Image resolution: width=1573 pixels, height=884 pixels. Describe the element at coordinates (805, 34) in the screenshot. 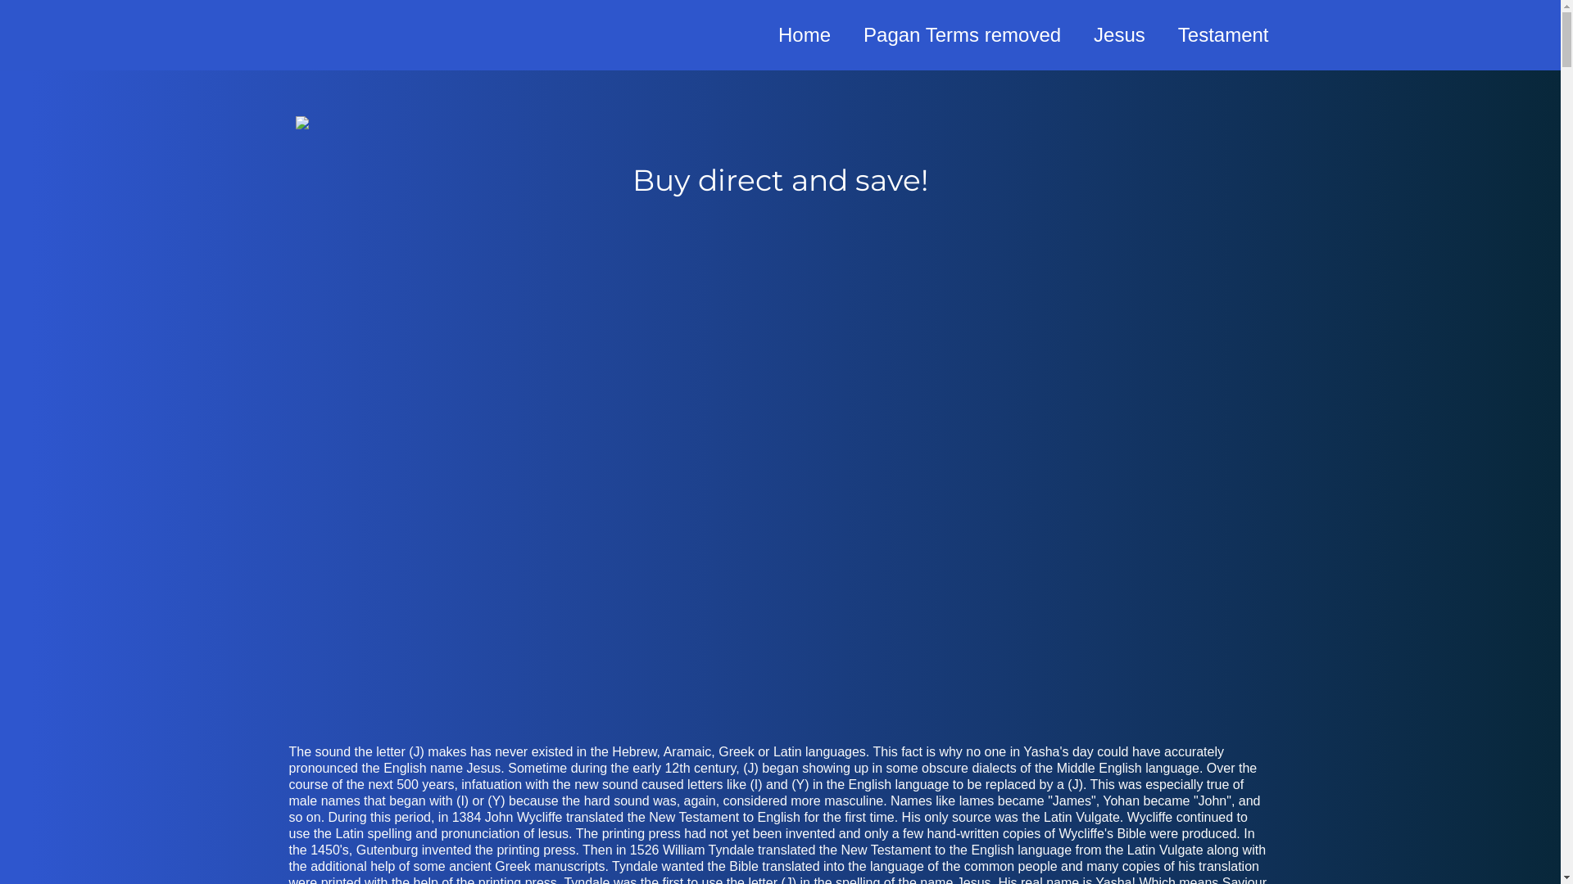

I see `'Home'` at that location.